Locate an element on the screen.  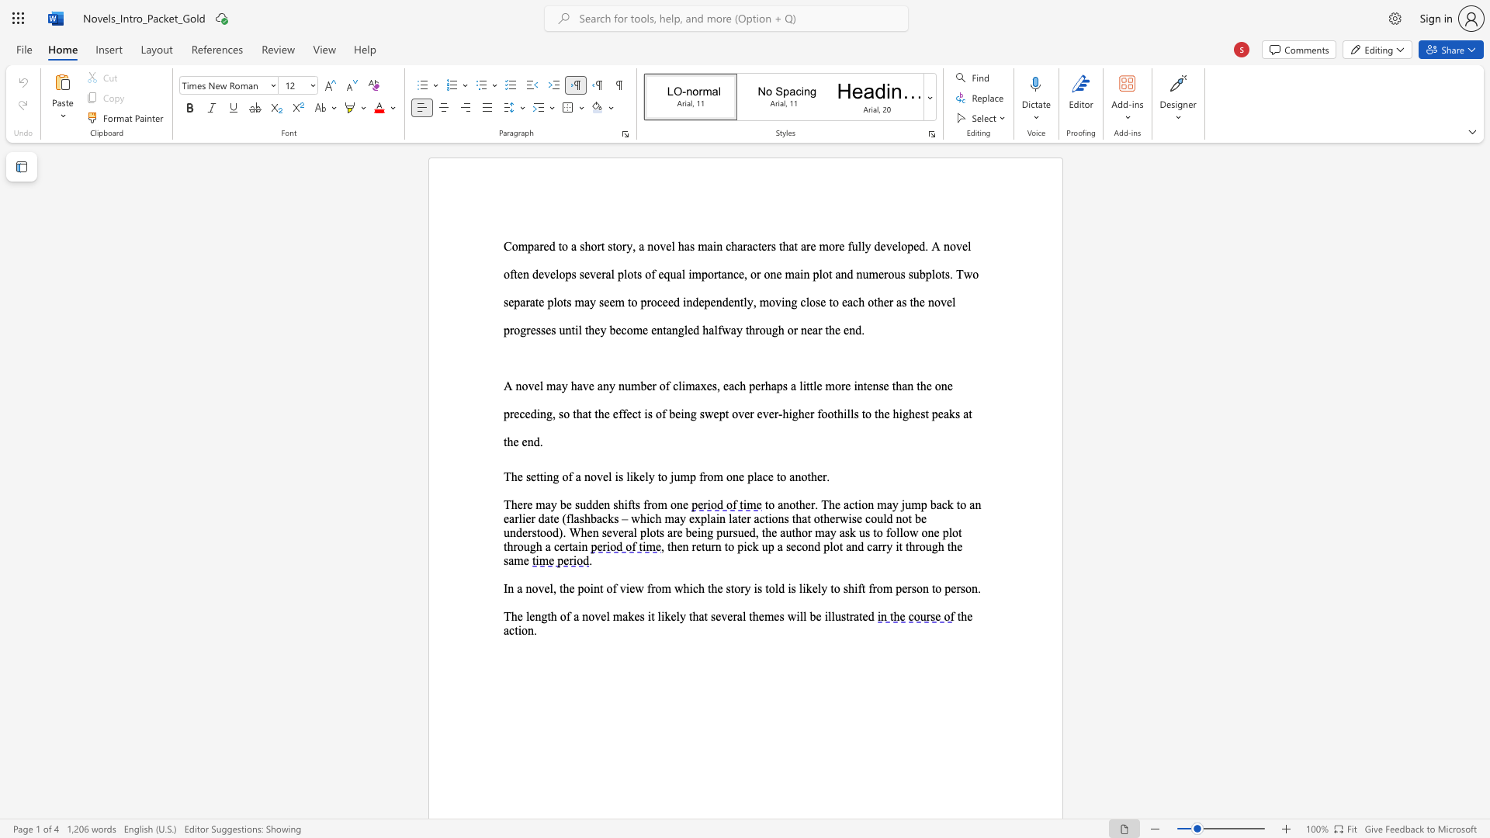
the subset text "ding, so that the effect is of being swept over" within the text "little more intense than the one preceding, so that the effect is of being swept over ever-higher foothills to the highest peaks at the end." is located at coordinates (530, 413).